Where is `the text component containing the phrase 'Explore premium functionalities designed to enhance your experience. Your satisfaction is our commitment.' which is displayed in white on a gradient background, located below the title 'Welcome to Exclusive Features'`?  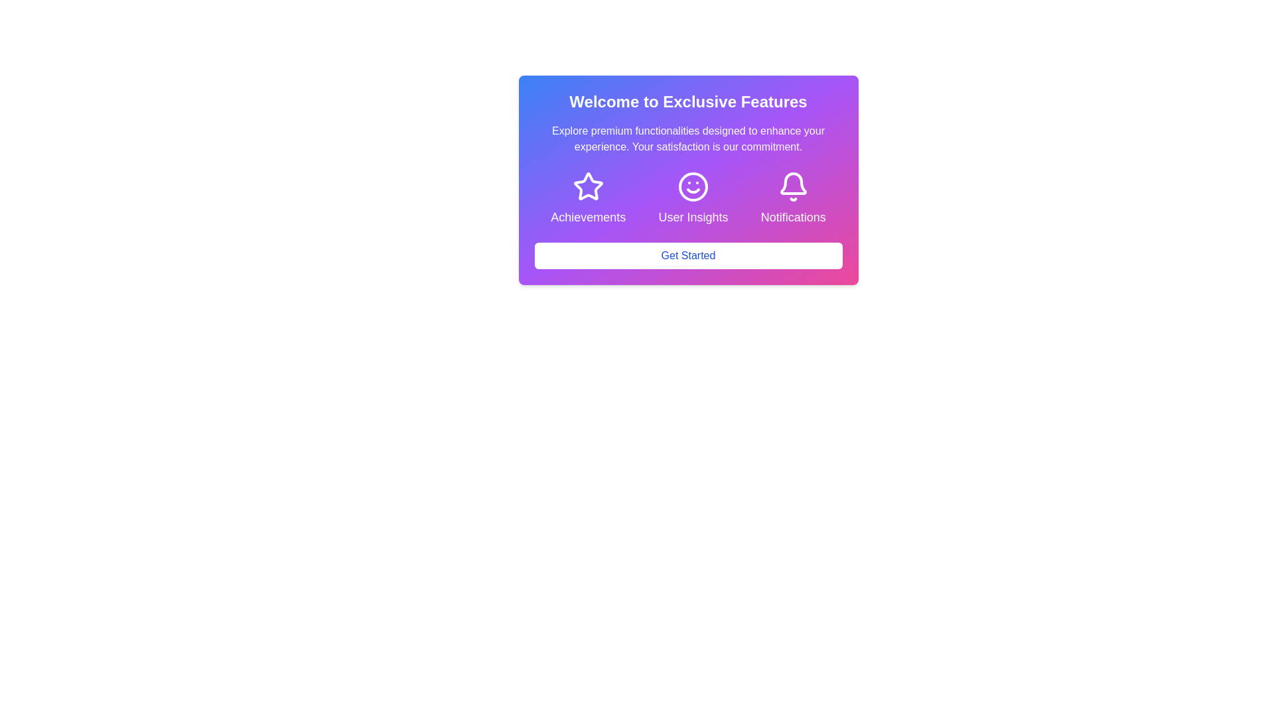
the text component containing the phrase 'Explore premium functionalities designed to enhance your experience. Your satisfaction is our commitment.' which is displayed in white on a gradient background, located below the title 'Welcome to Exclusive Features' is located at coordinates (688, 139).